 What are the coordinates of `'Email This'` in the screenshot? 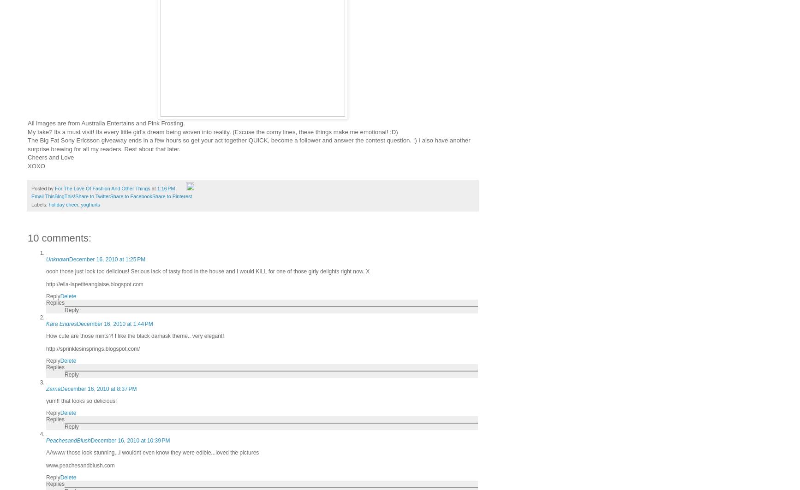 It's located at (42, 196).